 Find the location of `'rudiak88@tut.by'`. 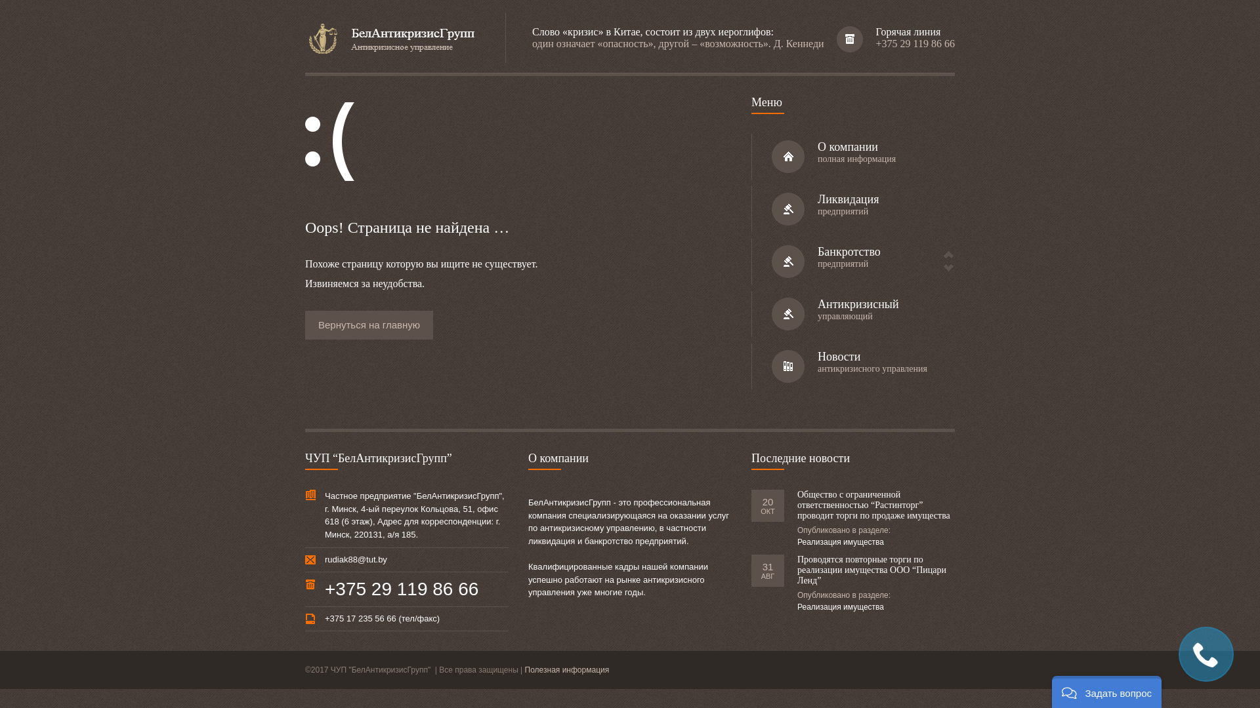

'rudiak88@tut.by' is located at coordinates (356, 559).